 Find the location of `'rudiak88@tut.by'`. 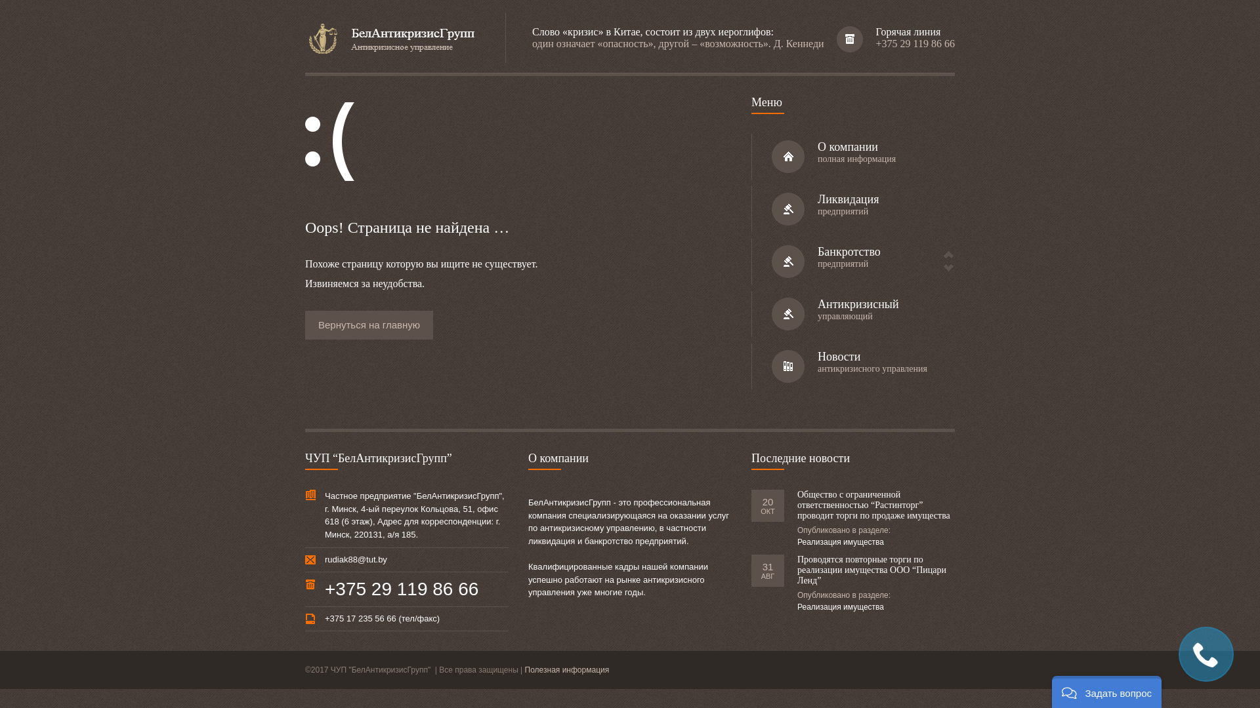

'rudiak88@tut.by' is located at coordinates (356, 559).